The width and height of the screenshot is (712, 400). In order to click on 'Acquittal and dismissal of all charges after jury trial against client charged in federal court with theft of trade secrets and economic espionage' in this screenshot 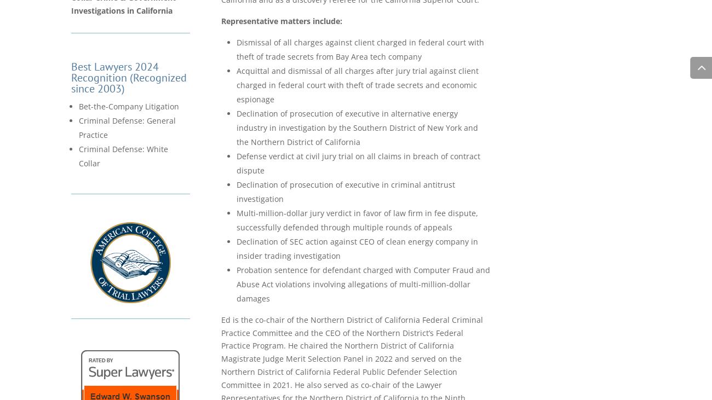, I will do `click(357, 84)`.